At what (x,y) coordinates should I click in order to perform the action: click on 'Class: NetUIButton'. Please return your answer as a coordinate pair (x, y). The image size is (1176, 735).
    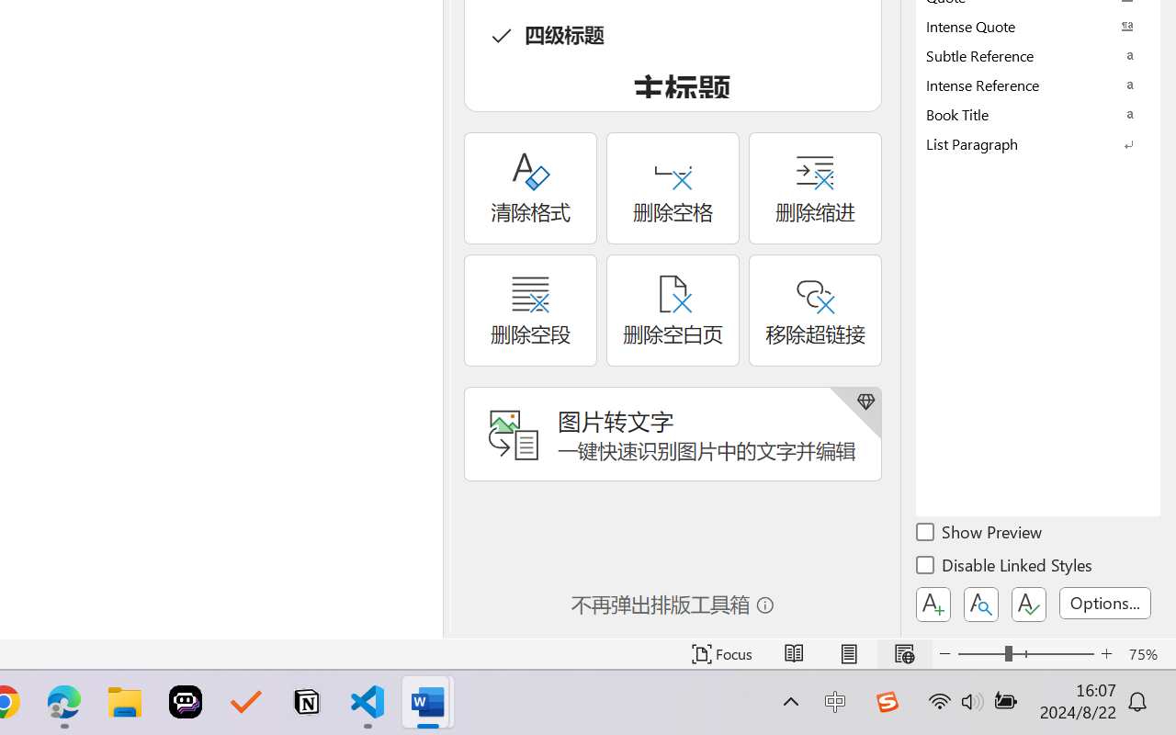
    Looking at the image, I should click on (1029, 604).